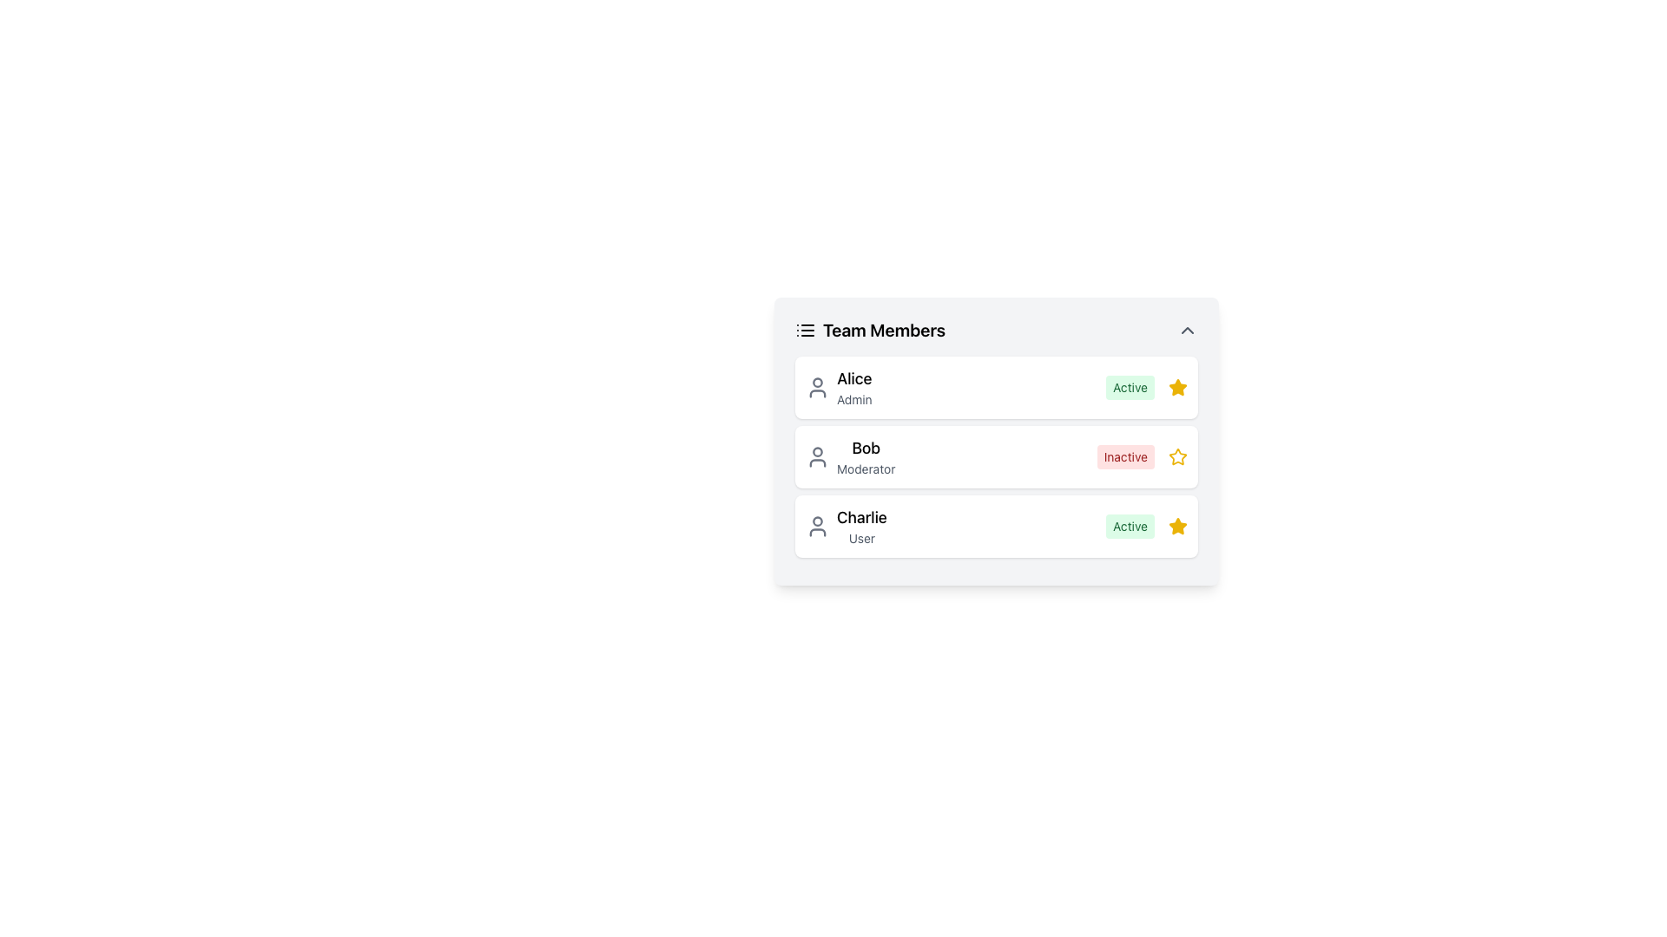 The height and width of the screenshot is (937, 1667). Describe the element at coordinates (861, 525) in the screenshot. I see `the interactive text label identifying 'Charlie' as 'User' in the 'Team Members' panel, which is located below 'Alice' and 'Bob'` at that location.